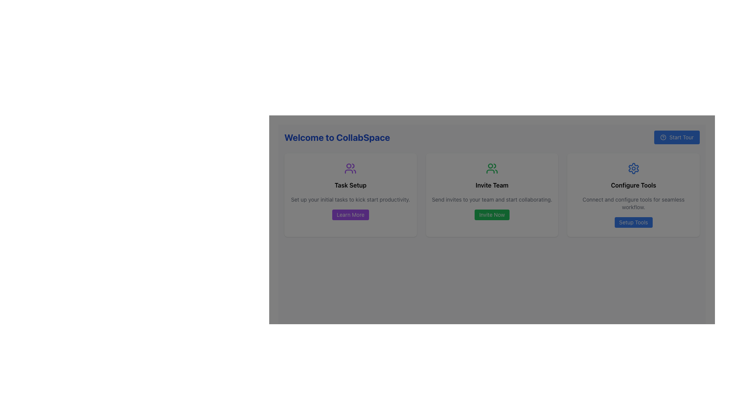 The width and height of the screenshot is (729, 410). What do you see at coordinates (492, 185) in the screenshot?
I see `the Text Label that serves as a title for inviting team members, located on the second card from the left in a three-card row layout, directly below a green user icon and above the description and 'Invite Now' button` at bounding box center [492, 185].